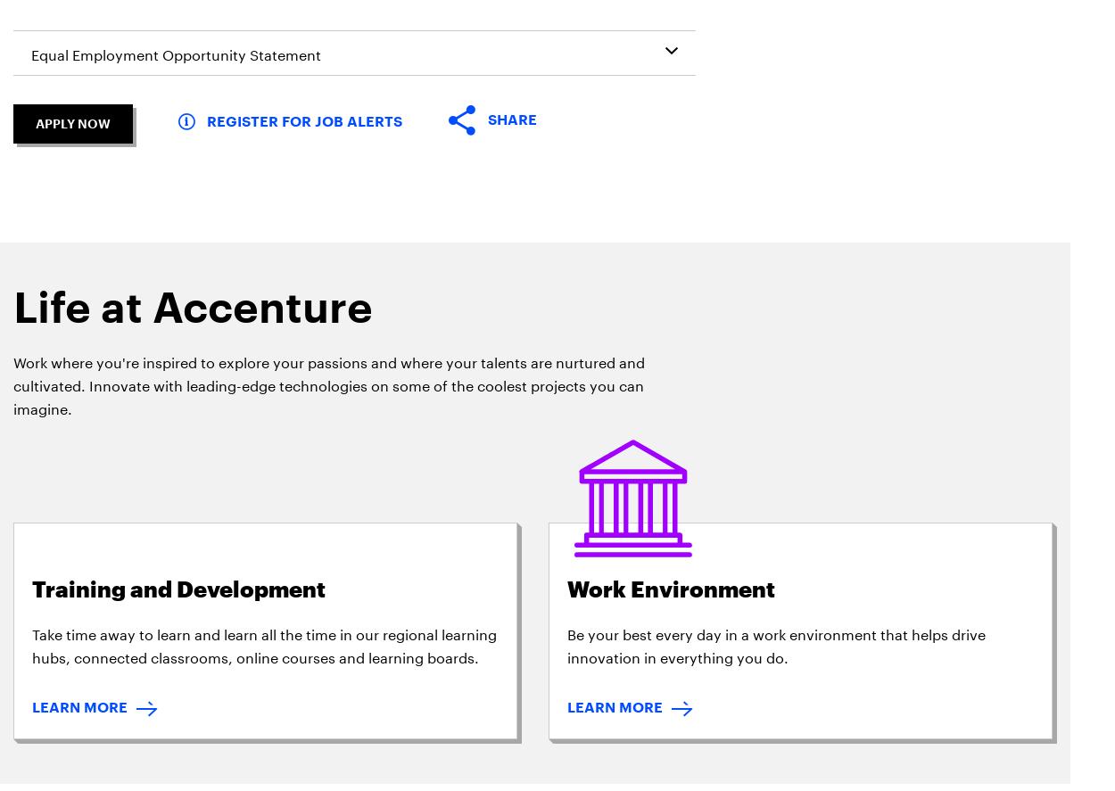 Image resolution: width=1115 pixels, height=791 pixels. I want to click on 'Sitemap', so click(591, 341).